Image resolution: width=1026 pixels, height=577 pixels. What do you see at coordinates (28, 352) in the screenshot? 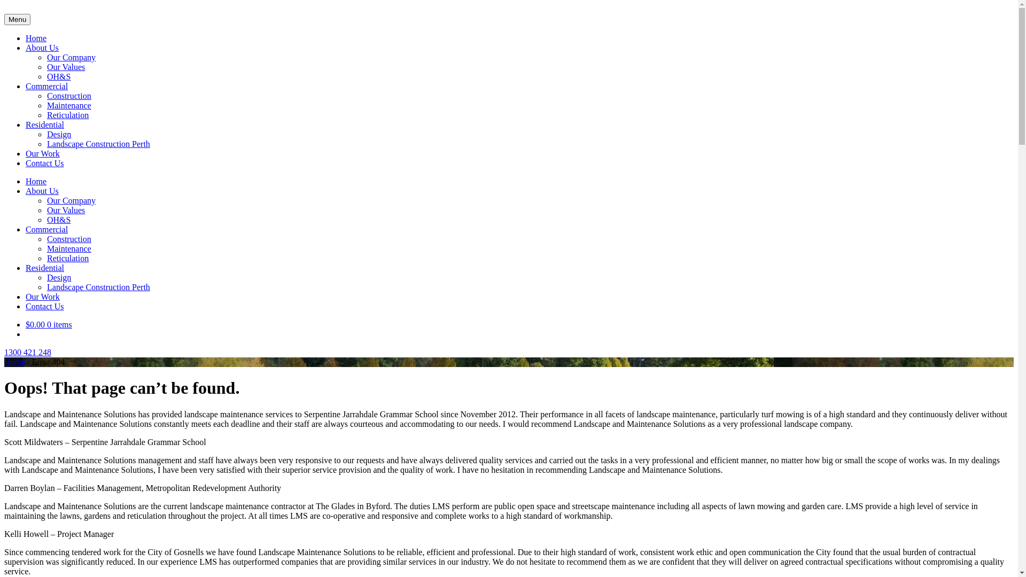
I see `'1300 421 248'` at bounding box center [28, 352].